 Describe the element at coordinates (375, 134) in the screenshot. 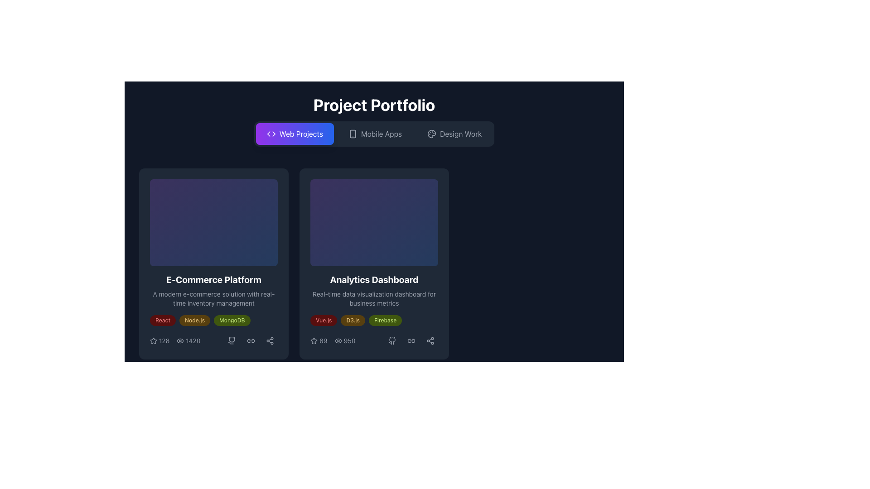

I see `the 'Mobile Apps' button, which is the second button in a horizontal row of three buttons, styled with a dark gray-to-black gradient background and containing a smartphone icon and light gray text` at that location.